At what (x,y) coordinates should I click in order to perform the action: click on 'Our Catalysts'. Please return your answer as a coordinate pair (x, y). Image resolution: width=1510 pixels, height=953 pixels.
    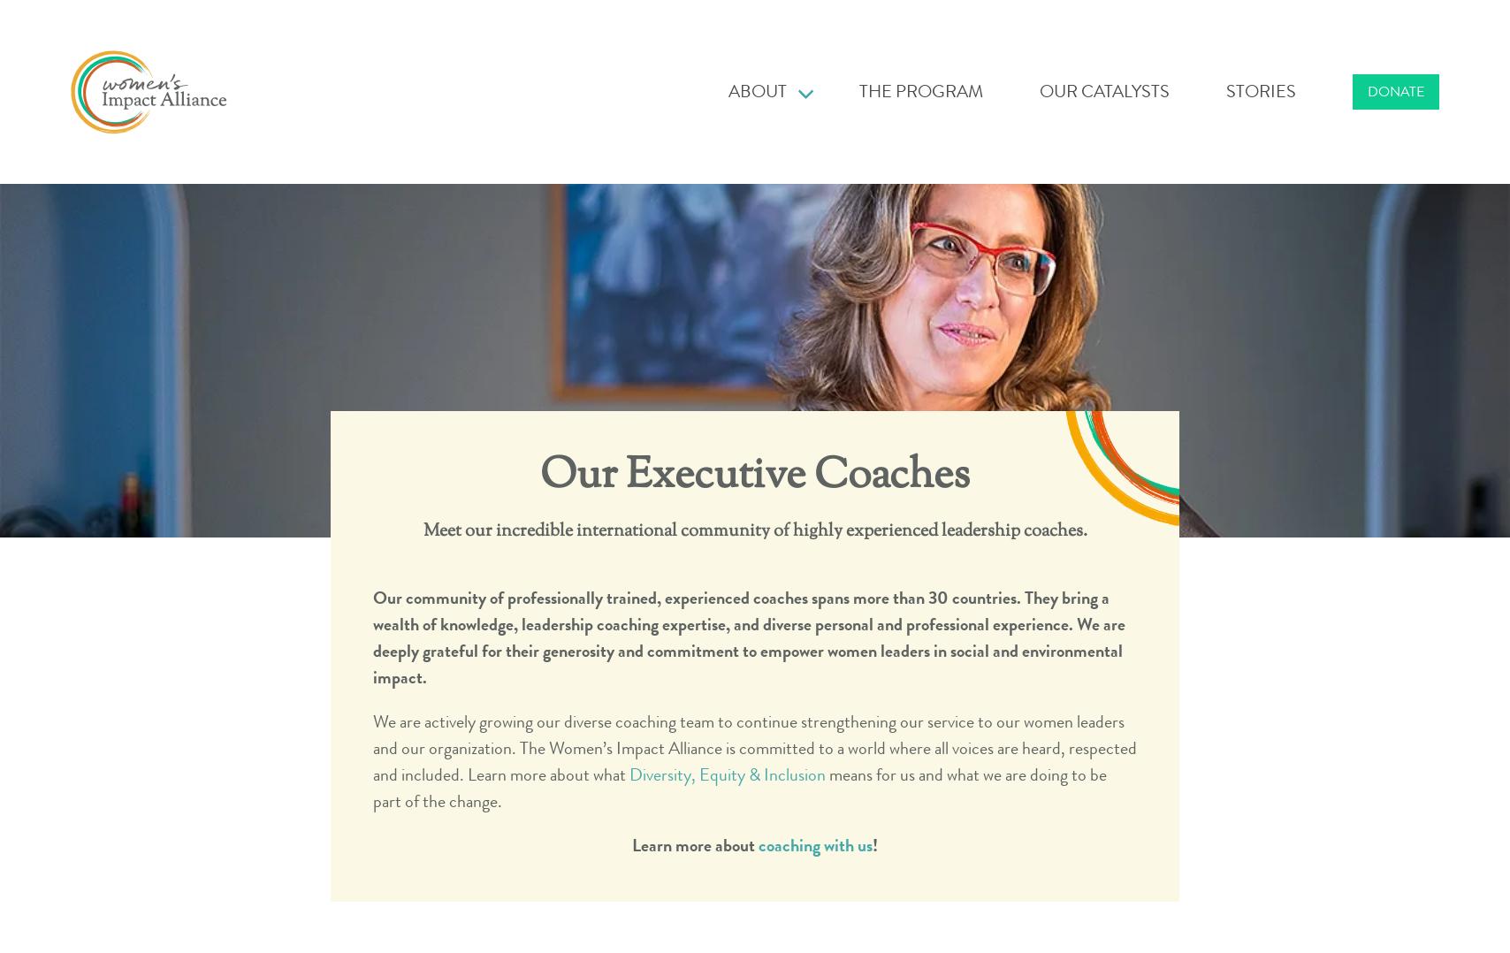
    Looking at the image, I should click on (1104, 90).